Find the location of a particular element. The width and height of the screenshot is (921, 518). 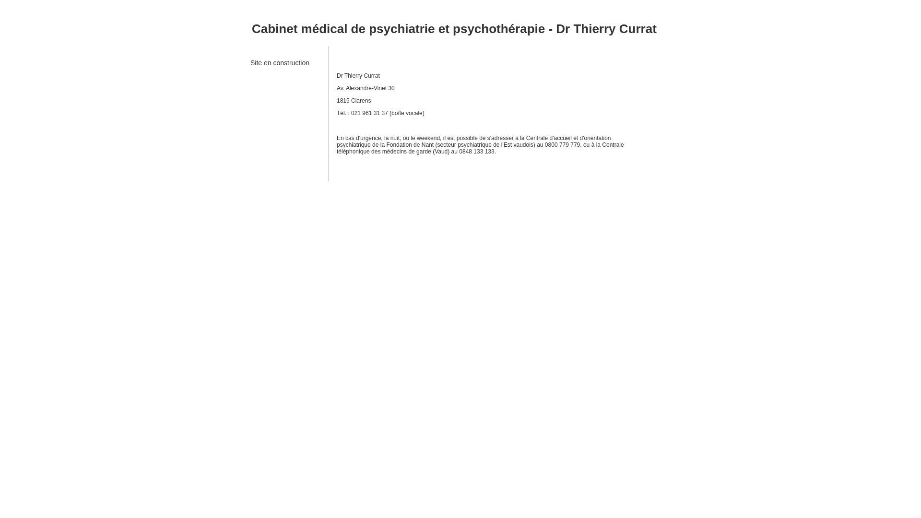

'Site en construction' is located at coordinates (250, 66).